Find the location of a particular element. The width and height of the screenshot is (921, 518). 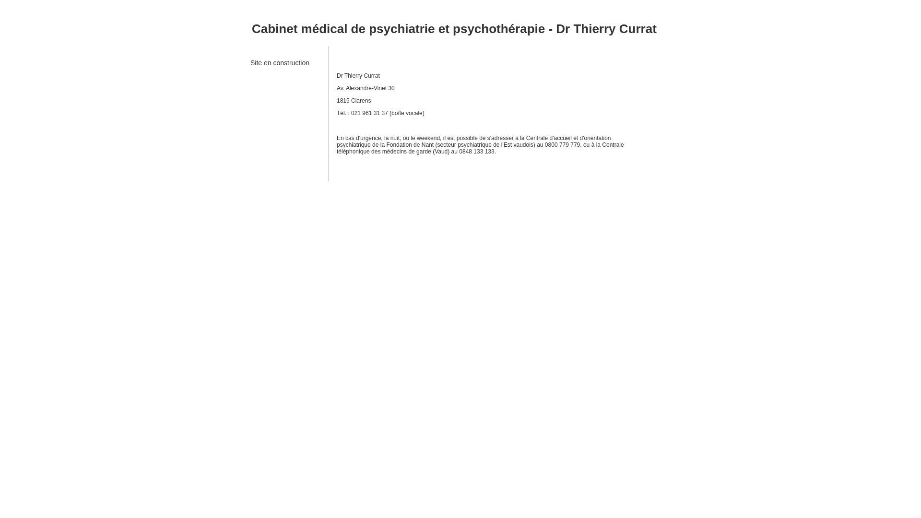

'Site en construction' is located at coordinates (250, 66).